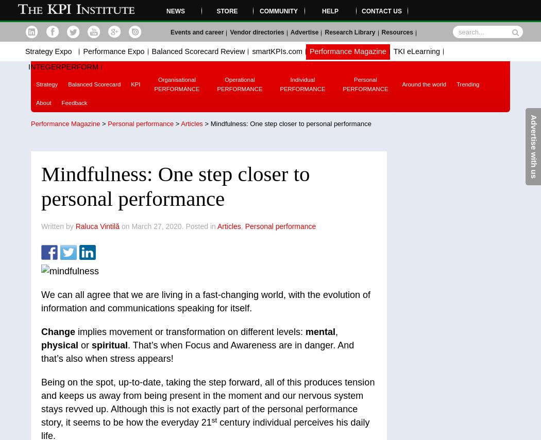  I want to click on 'March 27, 2020', so click(156, 225).